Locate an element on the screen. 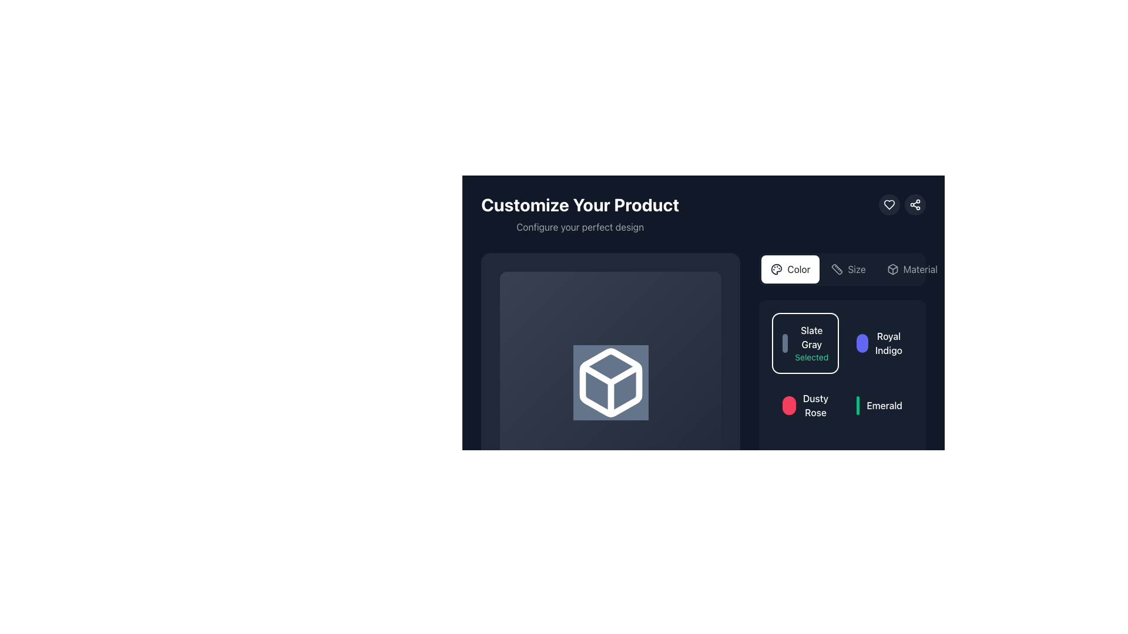 Image resolution: width=1128 pixels, height=634 pixels. the graphical decoration element, which is centrally located within the cube-like icon in the primary section of the interface is located at coordinates (610, 375).